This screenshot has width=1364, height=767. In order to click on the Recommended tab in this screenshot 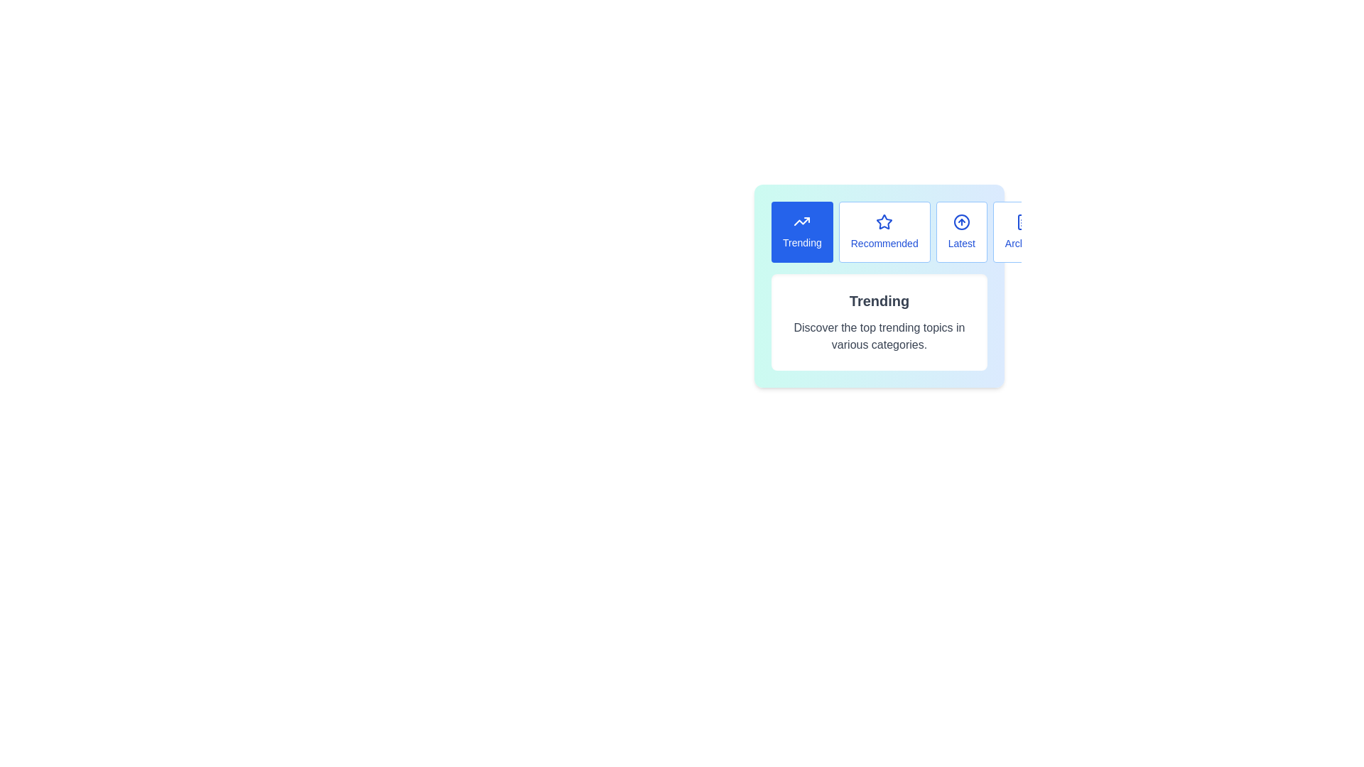, I will do `click(884, 232)`.